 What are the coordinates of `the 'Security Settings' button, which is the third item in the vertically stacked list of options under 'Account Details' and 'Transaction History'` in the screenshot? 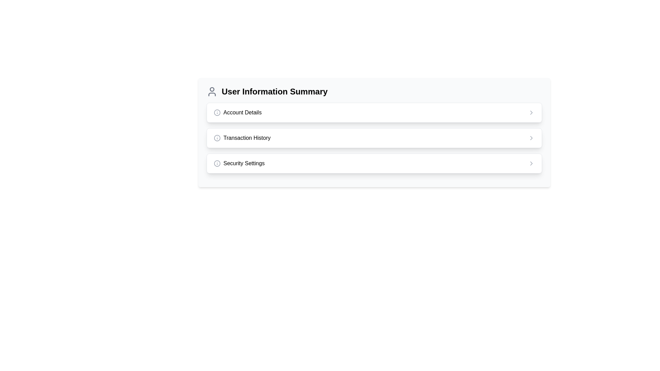 It's located at (374, 163).